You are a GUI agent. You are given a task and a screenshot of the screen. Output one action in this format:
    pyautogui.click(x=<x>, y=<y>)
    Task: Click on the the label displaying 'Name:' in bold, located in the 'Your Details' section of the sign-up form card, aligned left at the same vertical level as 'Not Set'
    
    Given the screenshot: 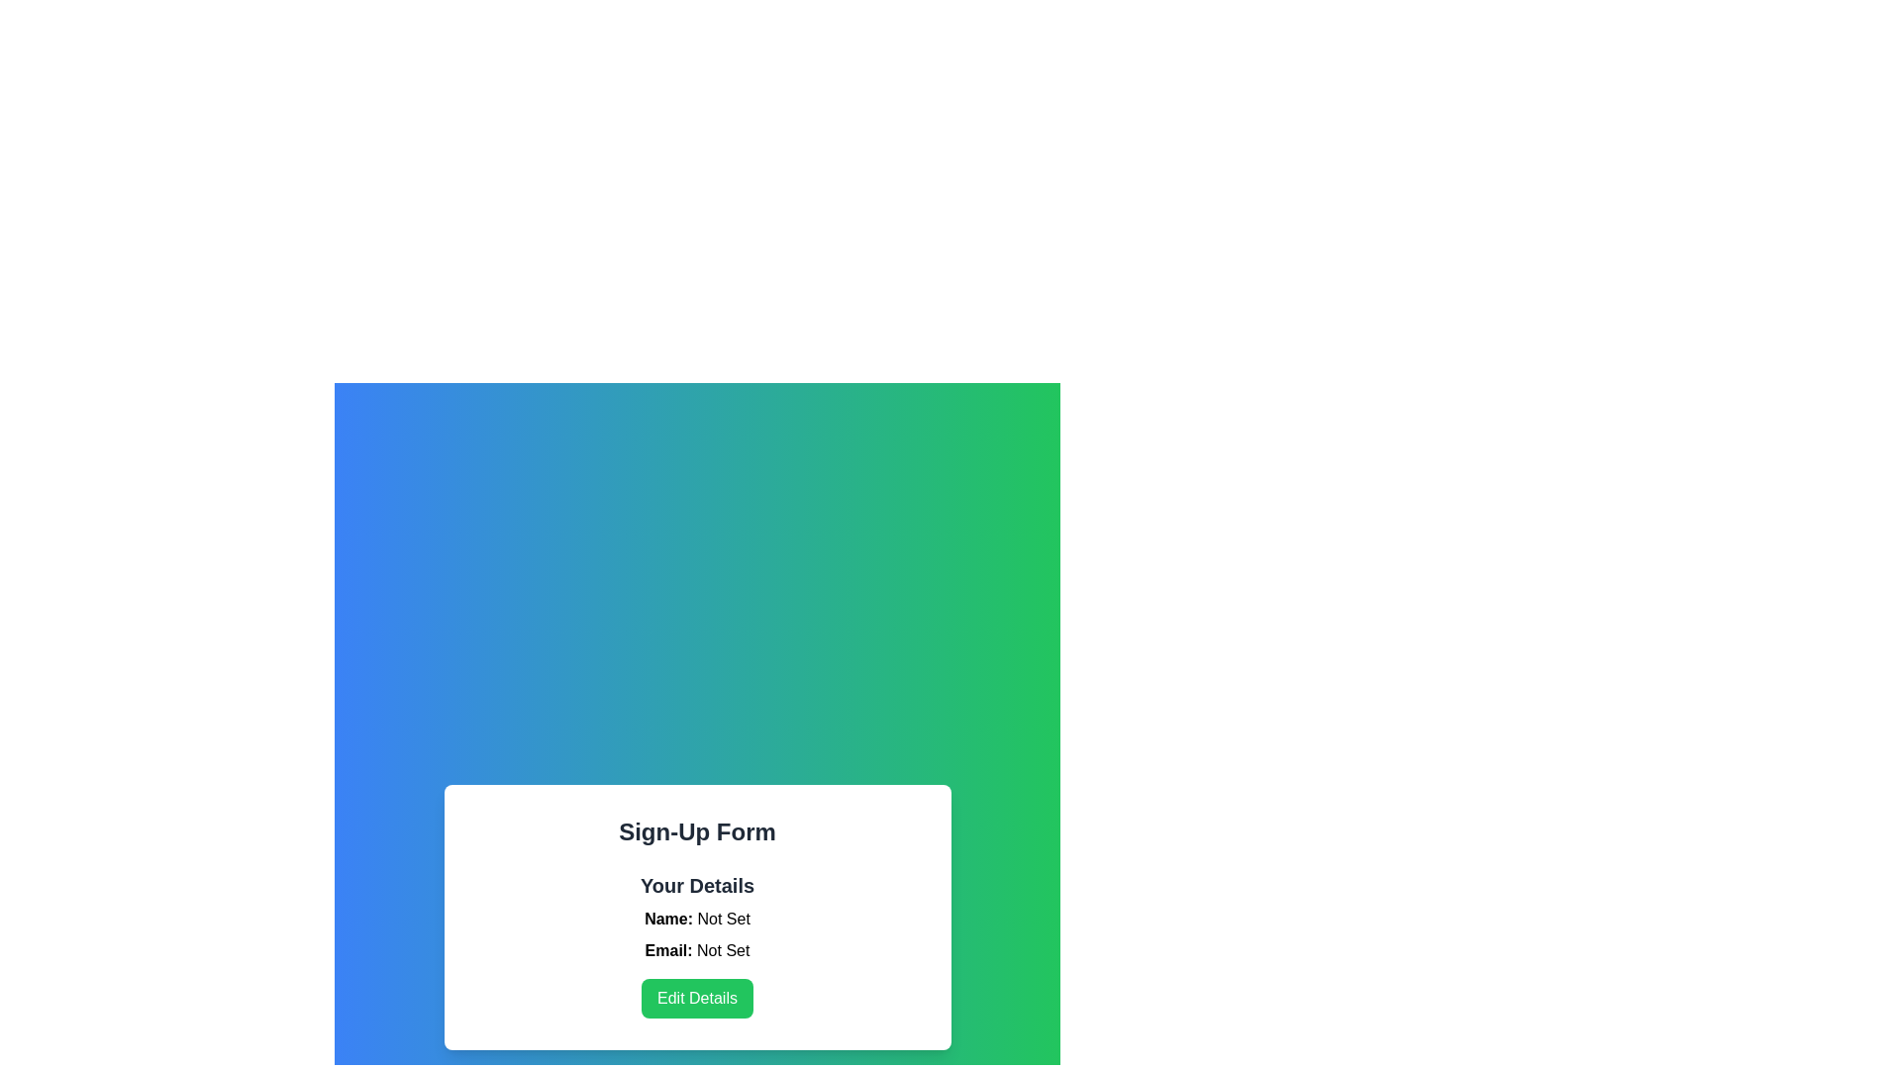 What is the action you would take?
    pyautogui.click(x=668, y=919)
    